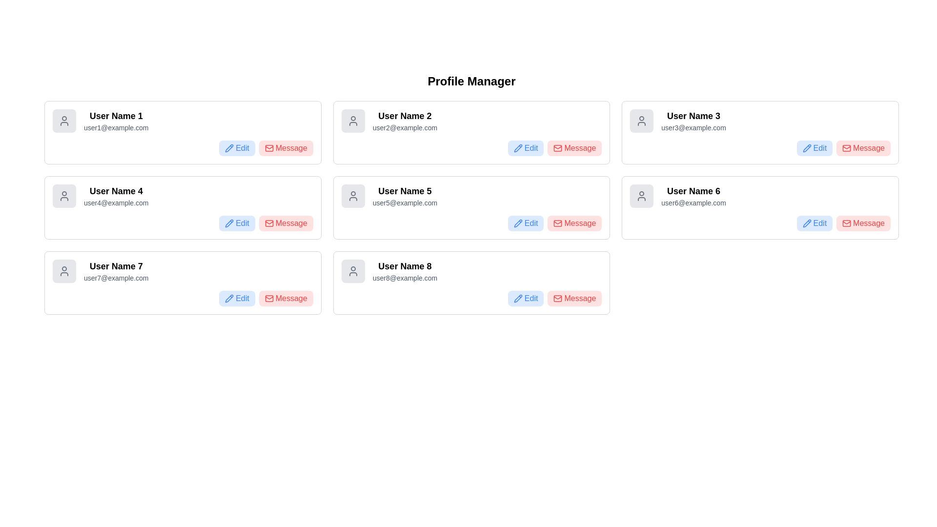 This screenshot has width=937, height=527. I want to click on the user profile icon located in the top-left corner of the card containing 'User Name 2' and 'user2@example.com', so click(352, 120).